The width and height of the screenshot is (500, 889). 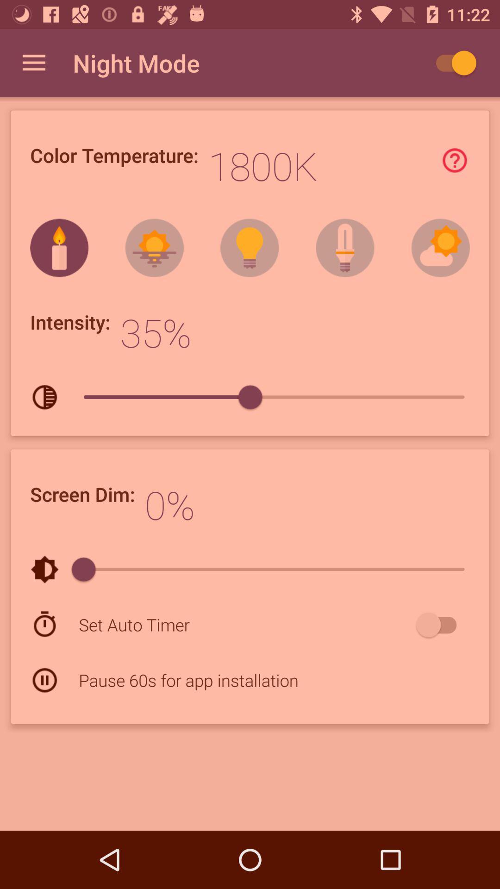 I want to click on the app to the right of the night mode app, so click(x=451, y=63).